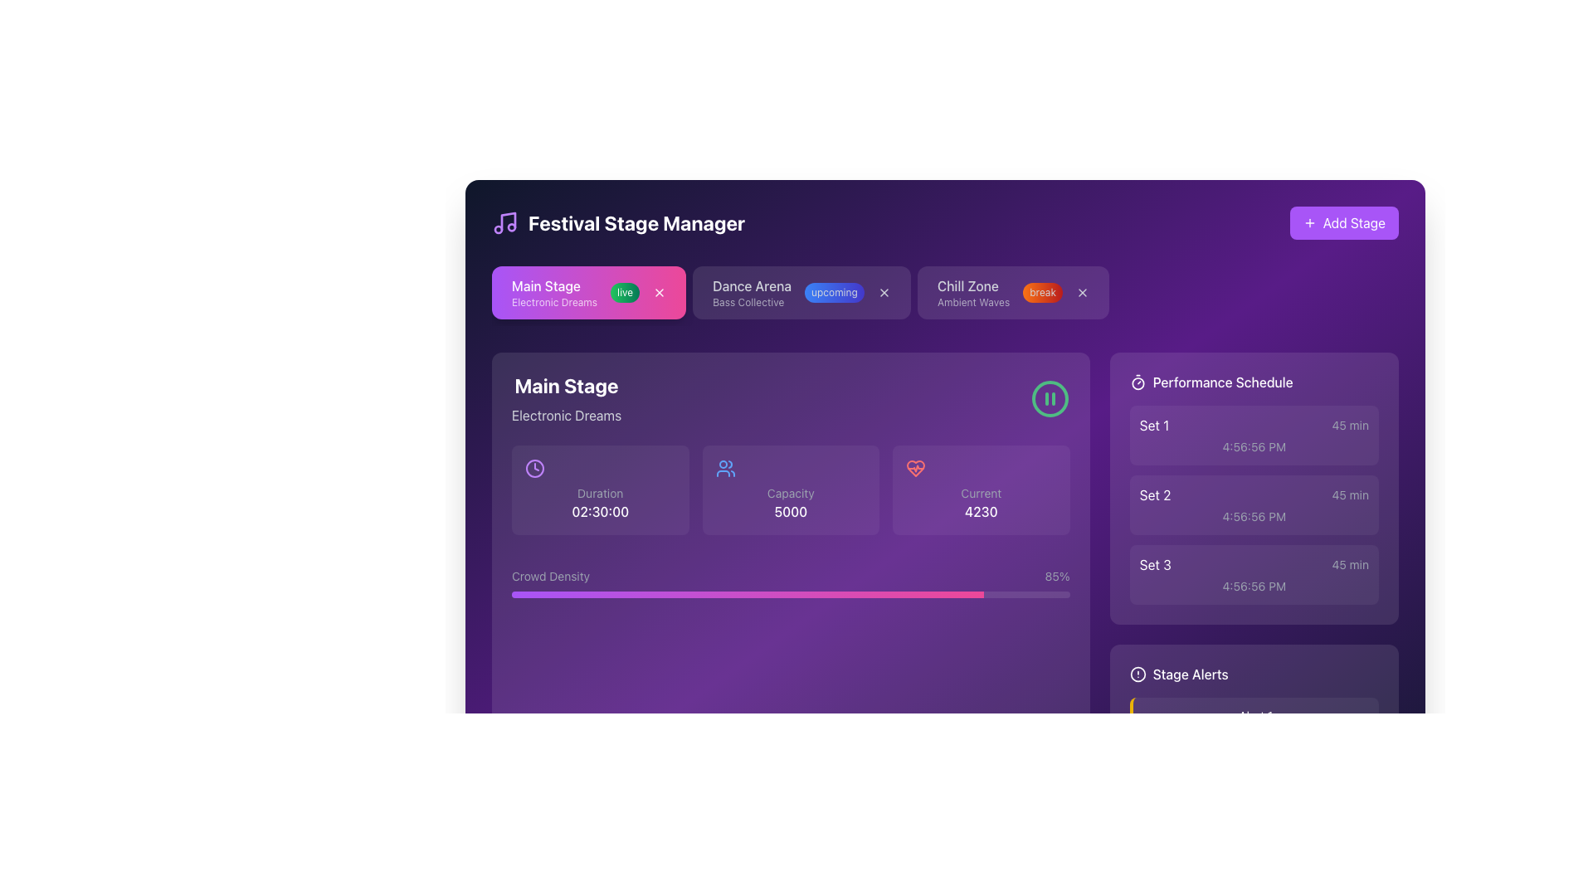 This screenshot has height=896, width=1593. What do you see at coordinates (1254, 585) in the screenshot?
I see `the text label displaying the time value for 'Set 3' in the 'Performance Schedule' section` at bounding box center [1254, 585].